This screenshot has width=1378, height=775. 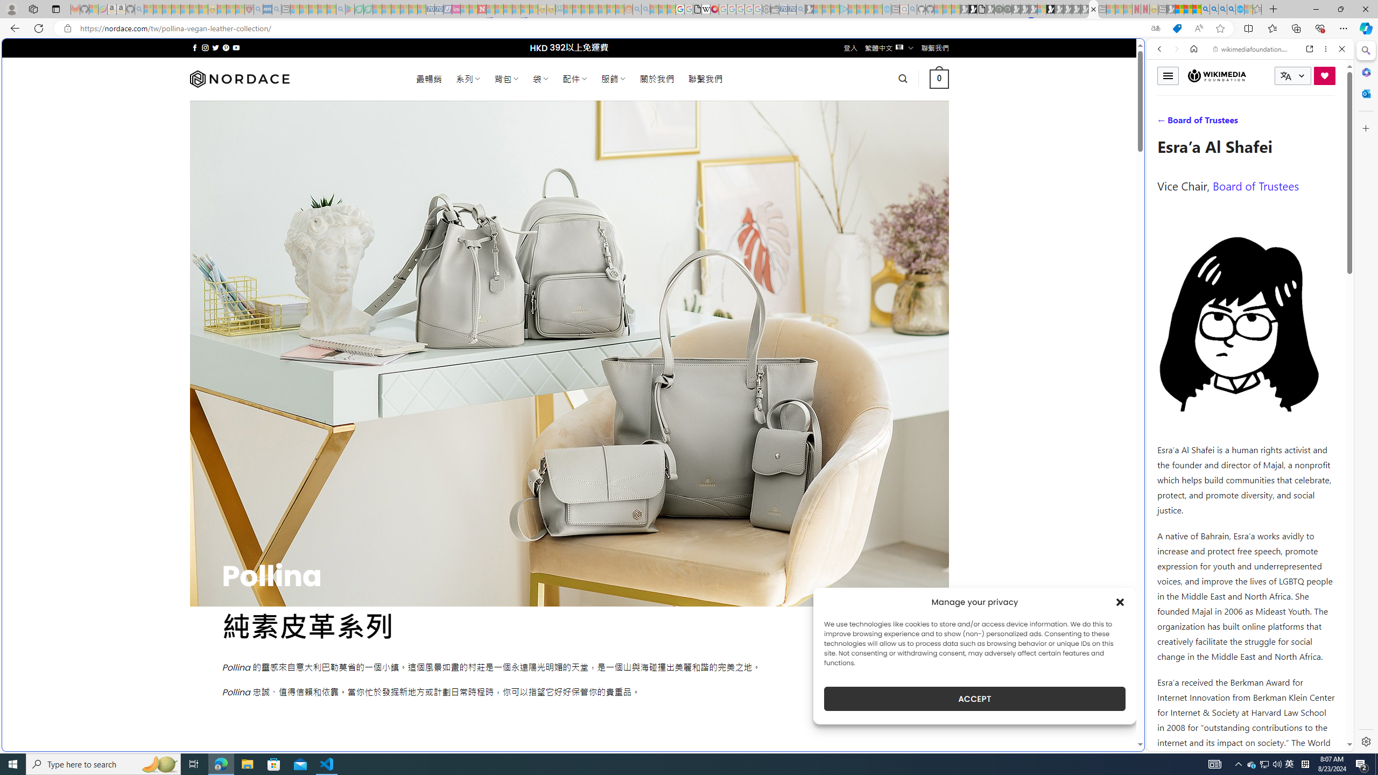 What do you see at coordinates (1093, 9) in the screenshot?
I see `'Nordace - Pollina Vegan Leather Collection'` at bounding box center [1093, 9].